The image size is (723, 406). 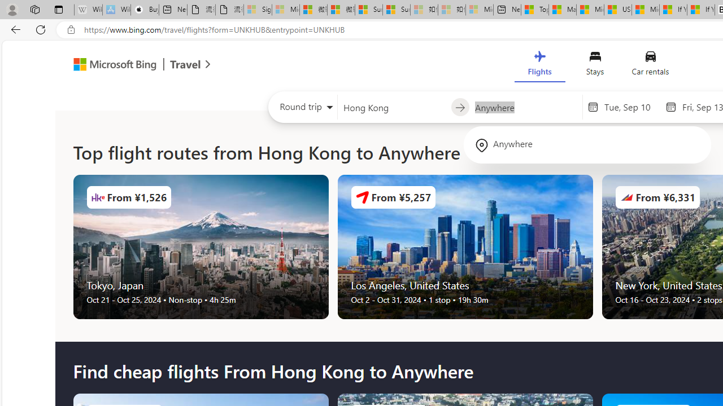 What do you see at coordinates (303, 109) in the screenshot?
I see `'Select trip type'` at bounding box center [303, 109].